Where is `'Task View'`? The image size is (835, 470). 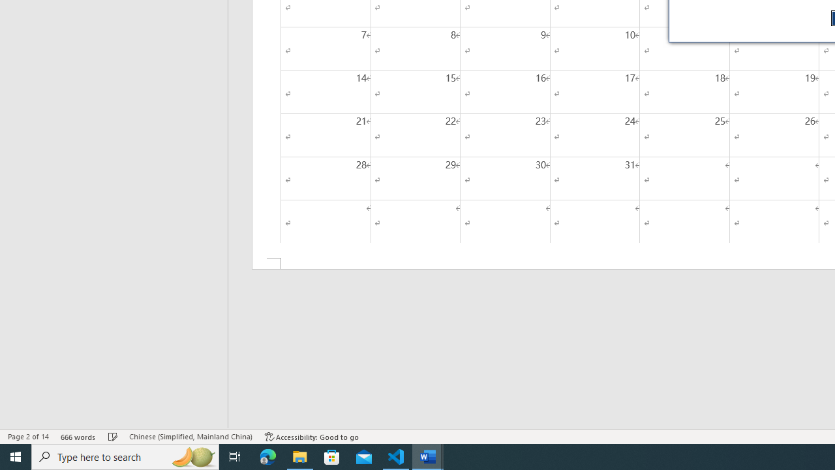 'Task View' is located at coordinates (234, 456).